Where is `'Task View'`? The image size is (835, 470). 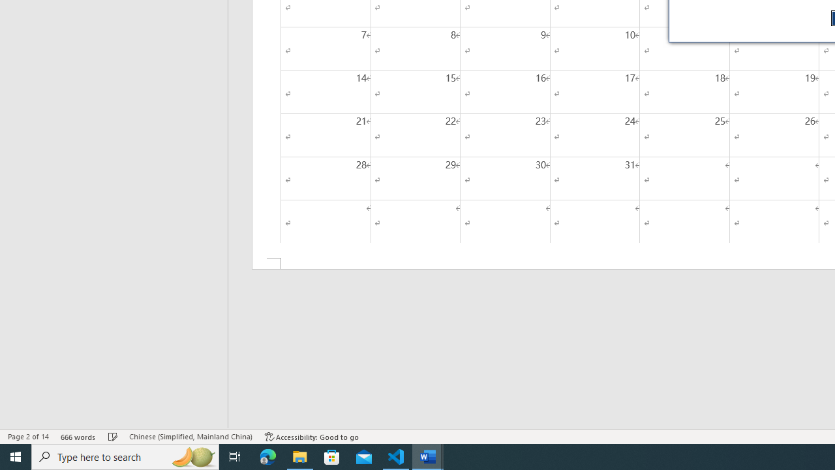 'Task View' is located at coordinates (234, 456).